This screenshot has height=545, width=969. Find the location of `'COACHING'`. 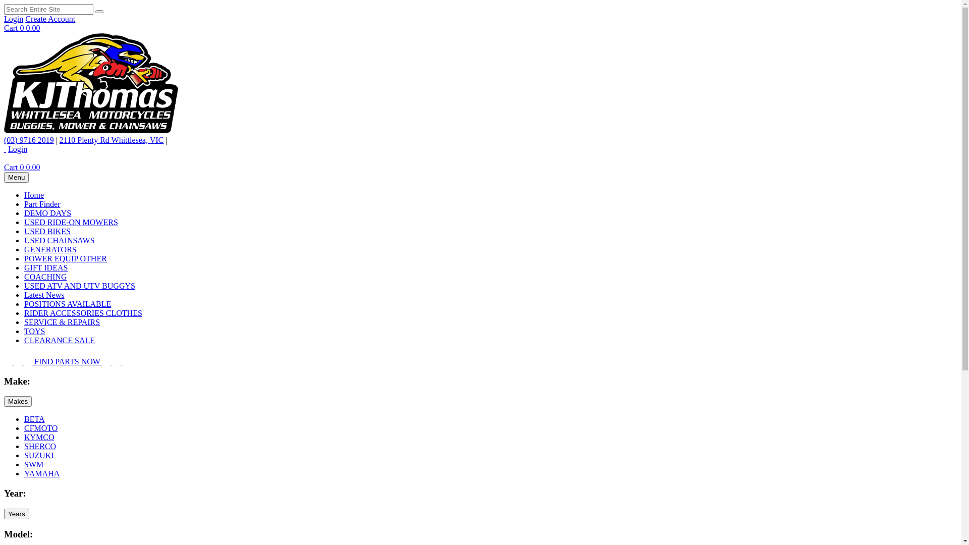

'COACHING' is located at coordinates (45, 277).